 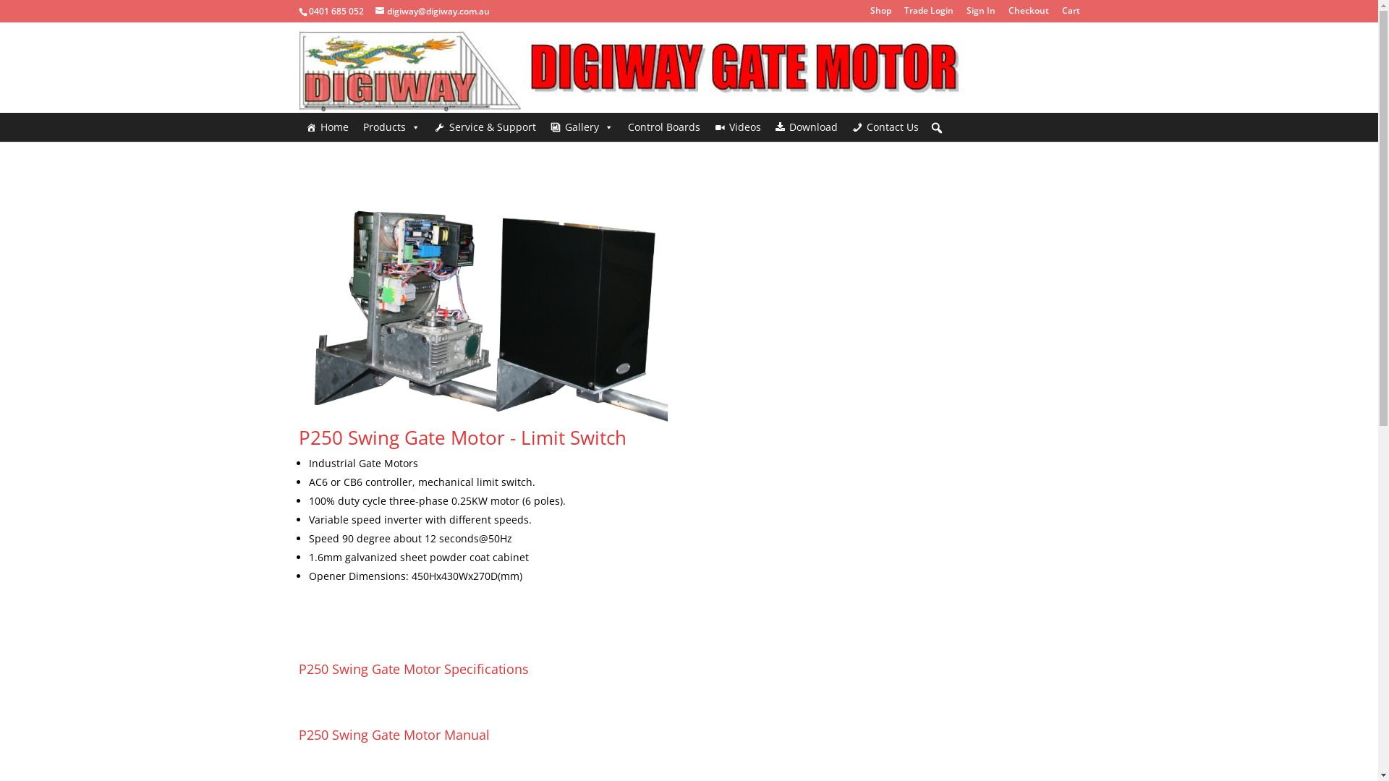 What do you see at coordinates (412, 669) in the screenshot?
I see `'P250 Swing Gate Motor Specifications'` at bounding box center [412, 669].